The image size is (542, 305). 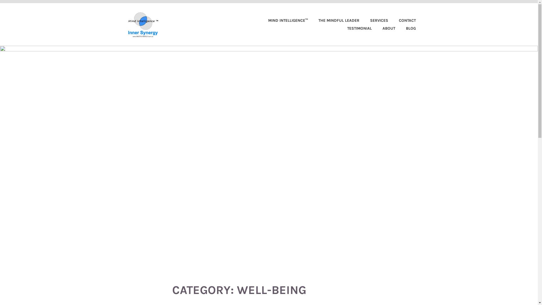 What do you see at coordinates (355, 28) in the screenshot?
I see `'TESTIMONIAL'` at bounding box center [355, 28].